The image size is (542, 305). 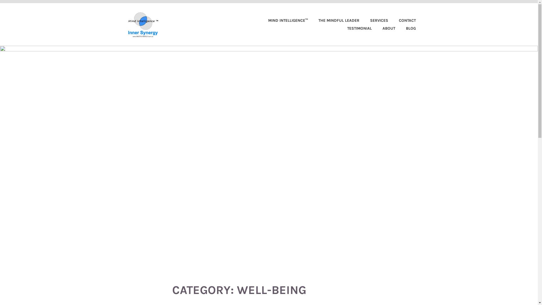 What do you see at coordinates (355, 28) in the screenshot?
I see `'TESTIMONIAL'` at bounding box center [355, 28].